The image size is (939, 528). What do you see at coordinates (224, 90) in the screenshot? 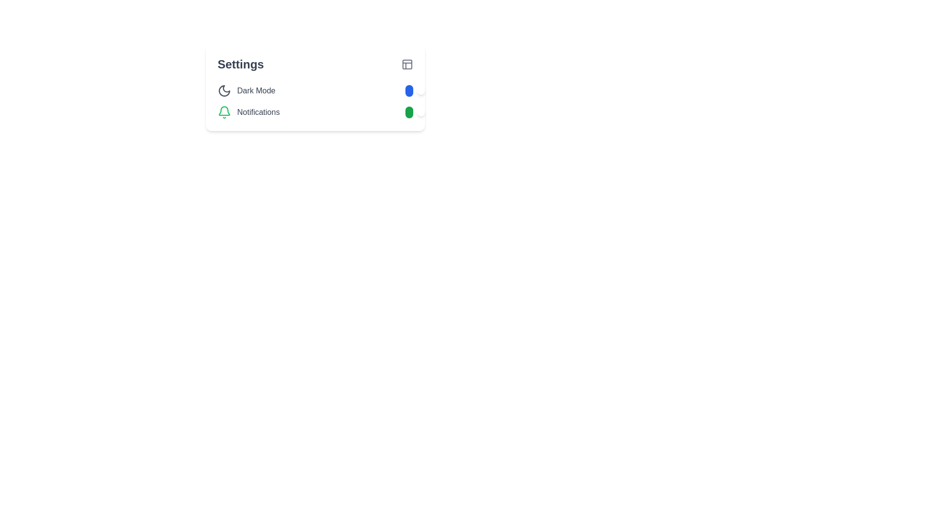
I see `the moon-shaped icon, which is dark gray and located in the settings panel under the 'Dark Mode' label` at bounding box center [224, 90].